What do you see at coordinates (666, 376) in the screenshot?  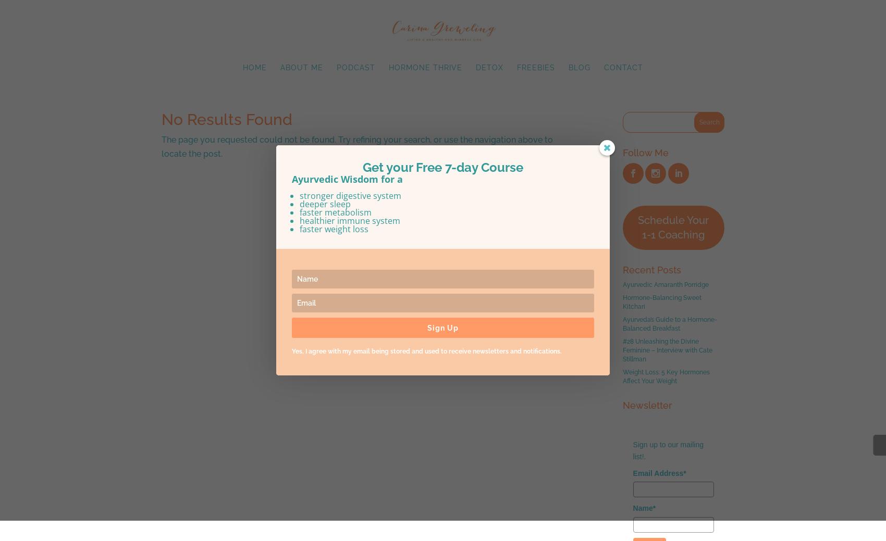 I see `'Weight Loss: 5 Key Hormones Affect Your Weight'` at bounding box center [666, 376].